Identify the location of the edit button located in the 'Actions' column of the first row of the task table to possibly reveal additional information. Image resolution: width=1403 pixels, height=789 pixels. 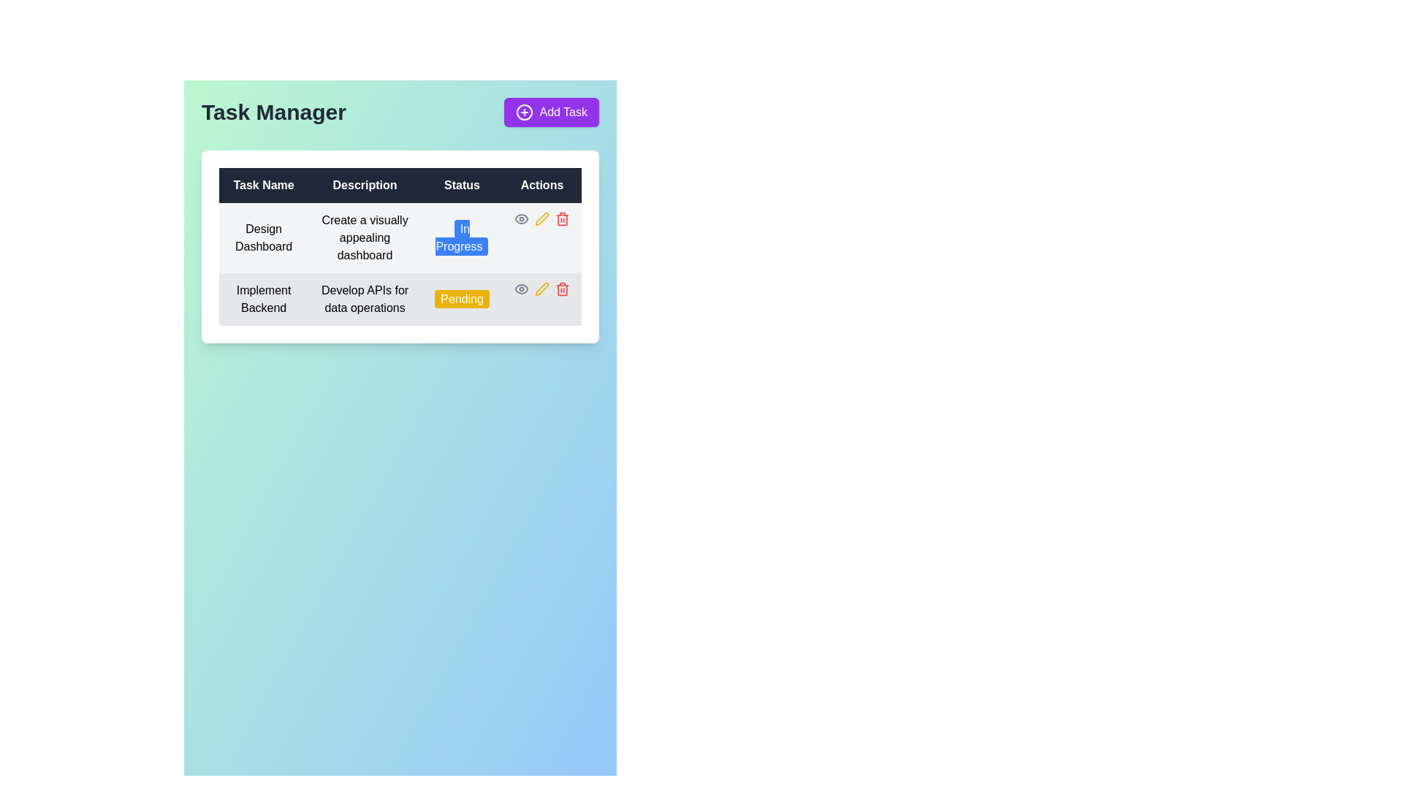
(541, 219).